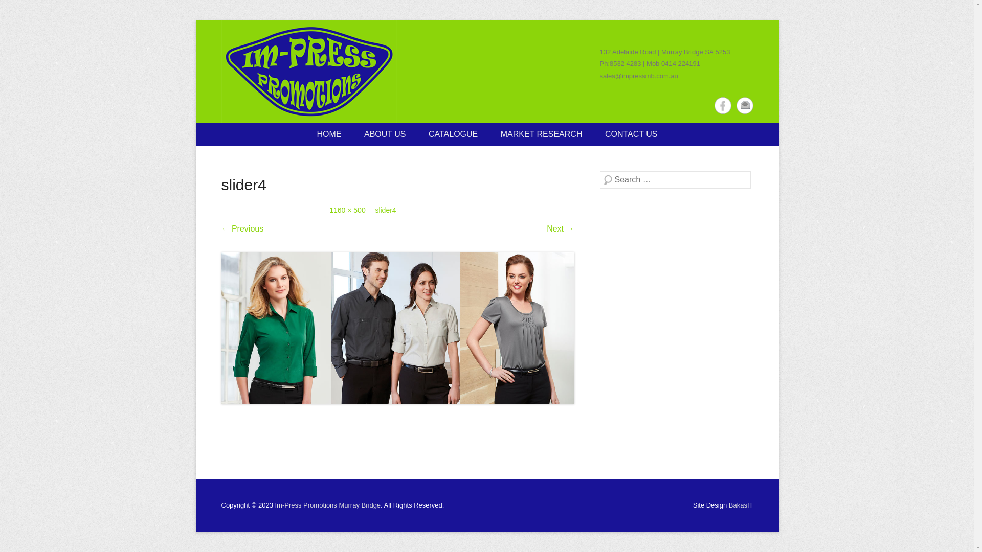  What do you see at coordinates (638, 75) in the screenshot?
I see `'sales@impressmb.com.au'` at bounding box center [638, 75].